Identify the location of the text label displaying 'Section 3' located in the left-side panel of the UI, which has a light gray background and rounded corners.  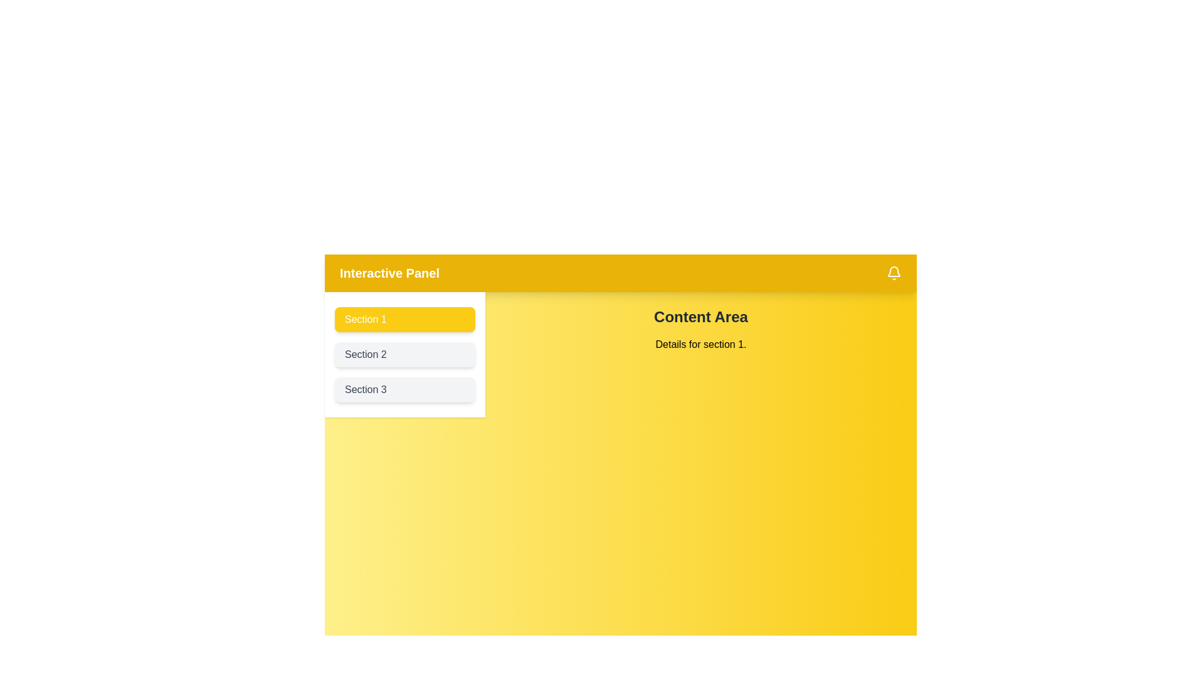
(365, 389).